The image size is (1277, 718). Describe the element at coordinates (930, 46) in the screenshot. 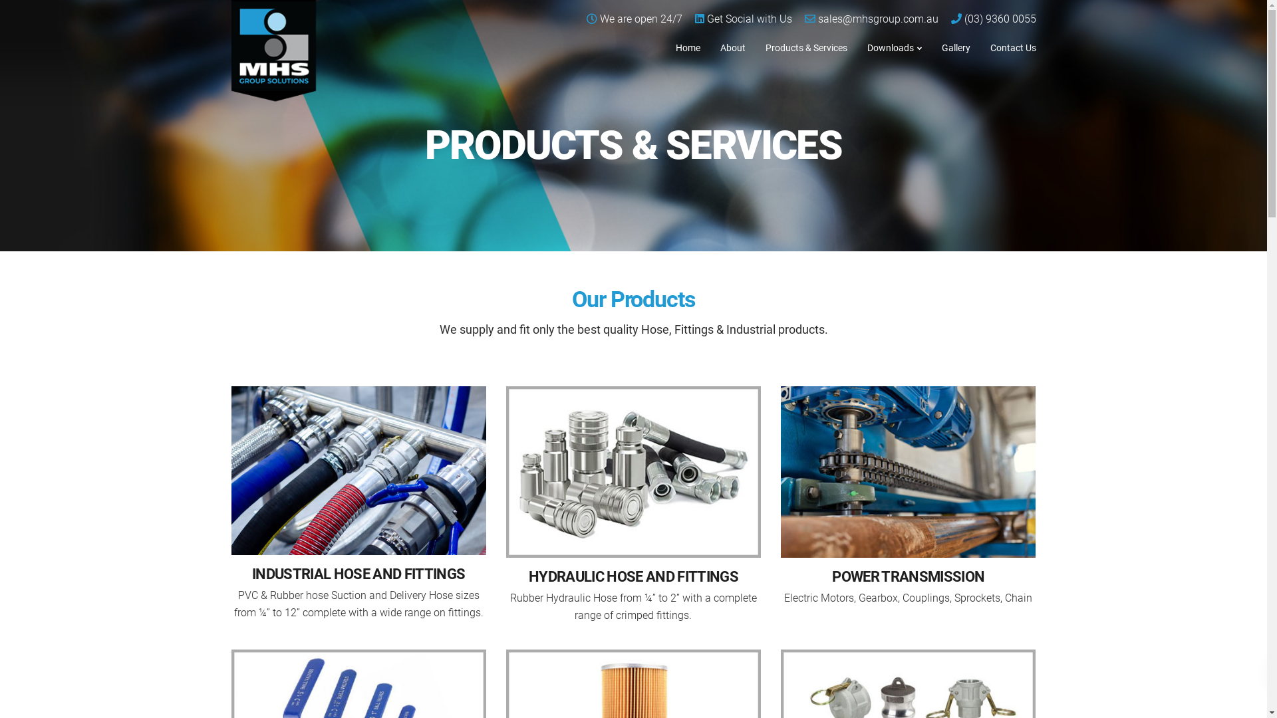

I see `'Gallery'` at that location.